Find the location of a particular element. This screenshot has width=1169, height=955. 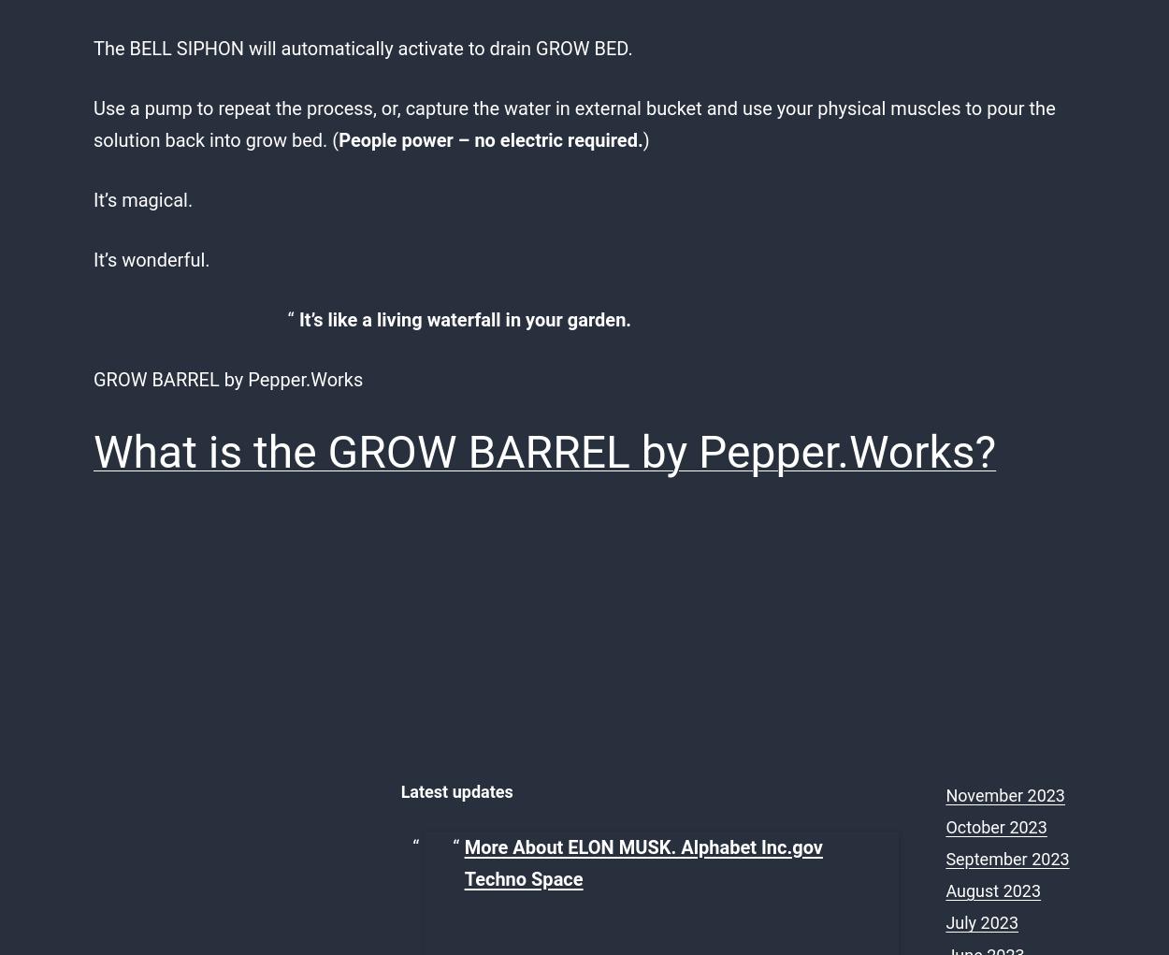

'People power – no electric required.' is located at coordinates (490, 139).